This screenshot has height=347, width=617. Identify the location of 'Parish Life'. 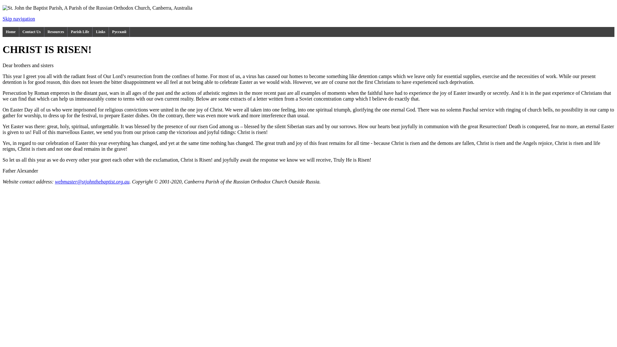
(80, 32).